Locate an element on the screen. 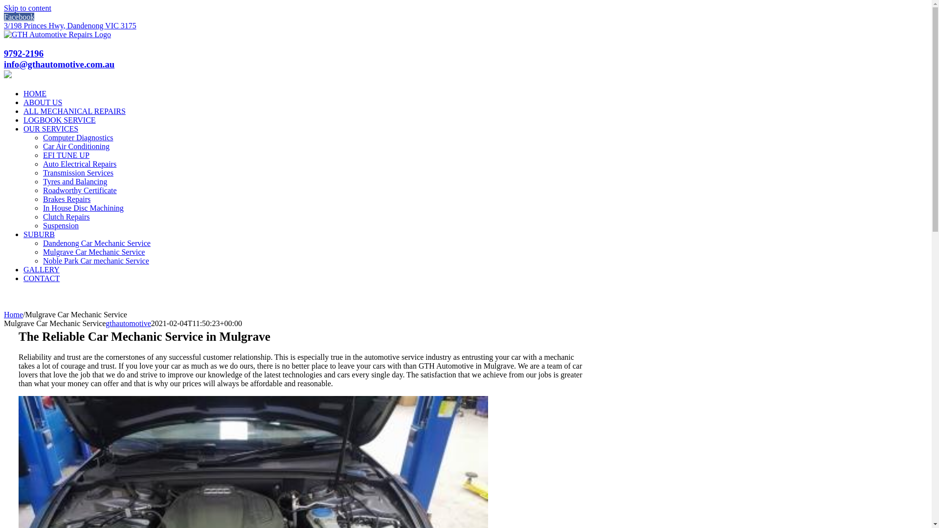 The image size is (939, 528). '3/198 Princes Hwy, Dandenong VIC 3175' is located at coordinates (69, 25).